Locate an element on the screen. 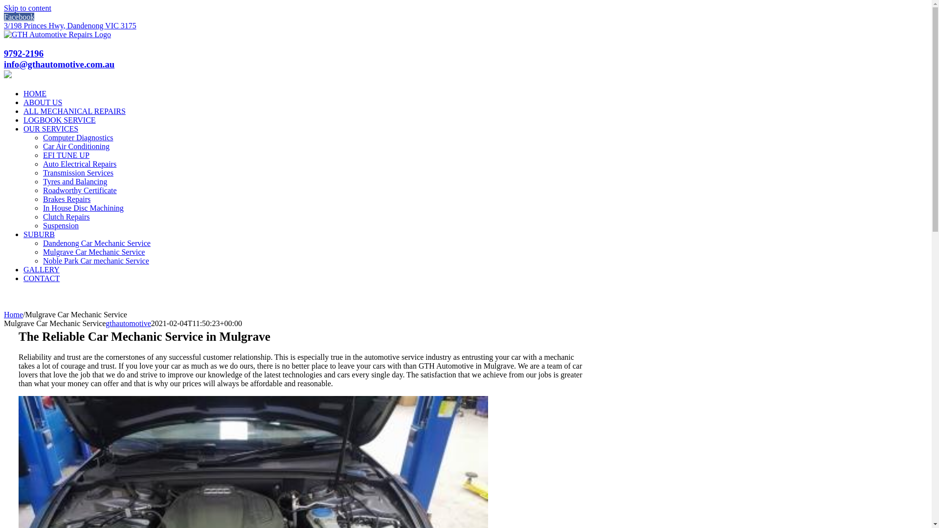 The image size is (939, 528). '3/198 Princes Hwy, Dandenong VIC 3175' is located at coordinates (69, 25).